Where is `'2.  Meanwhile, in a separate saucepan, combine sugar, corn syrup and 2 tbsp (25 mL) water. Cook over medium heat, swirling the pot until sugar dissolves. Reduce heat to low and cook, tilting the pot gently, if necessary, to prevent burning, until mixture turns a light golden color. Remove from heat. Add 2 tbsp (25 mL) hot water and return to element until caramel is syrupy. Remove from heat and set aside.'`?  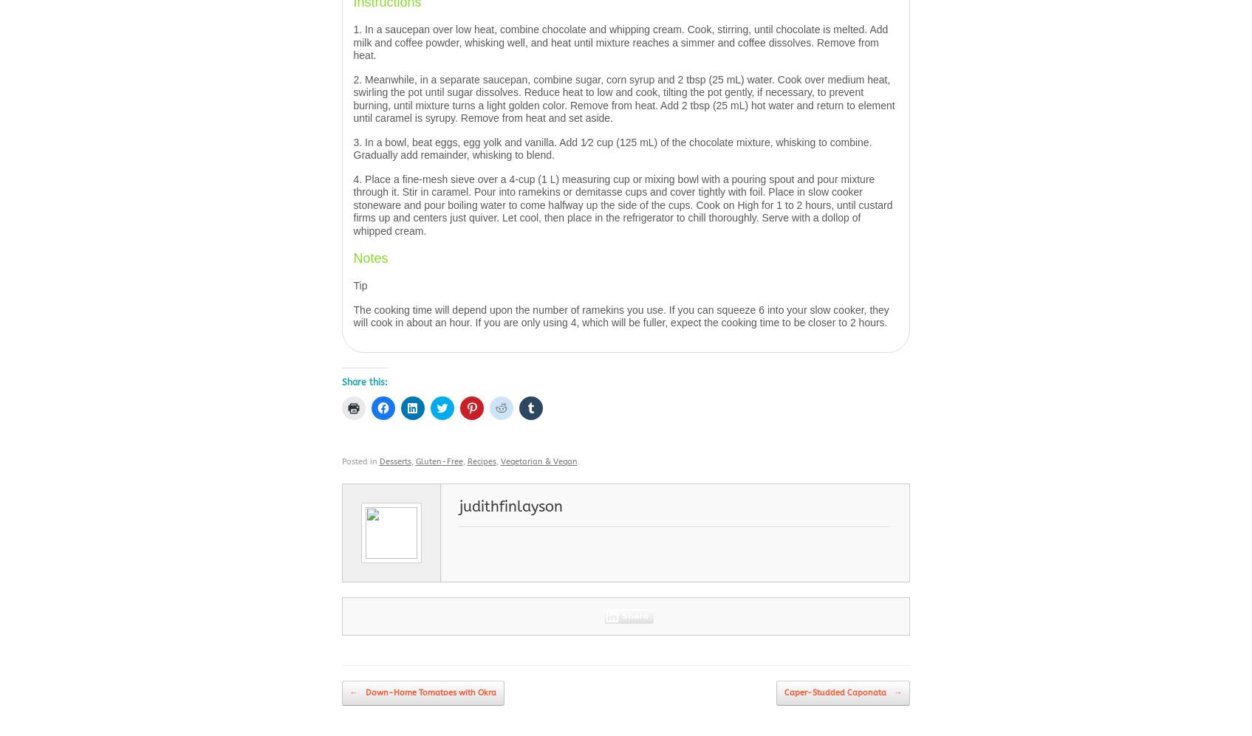 '2.  Meanwhile, in a separate saucepan, combine sugar, corn syrup and 2 tbsp (25 mL) water. Cook over medium heat, swirling the pot until sugar dissolves. Reduce heat to low and cook, tilting the pot gently, if necessary, to prevent burning, until mixture turns a light golden color. Remove from heat. Add 2 tbsp (25 mL) hot water and return to element until caramel is syrupy. Remove from heat and set aside.' is located at coordinates (623, 98).